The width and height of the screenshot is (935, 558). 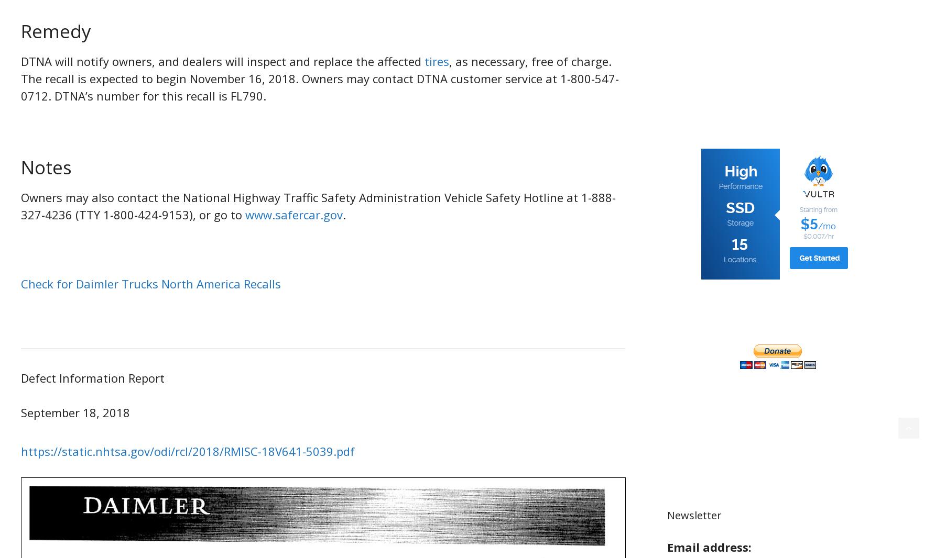 What do you see at coordinates (318, 206) in the screenshot?
I see `'Owners may also contact the National Highway Traffic Safety Administration Vehicle Safety Hotline at 1-888-327-4236 (TTY 1-800-424-9153), or go to'` at bounding box center [318, 206].